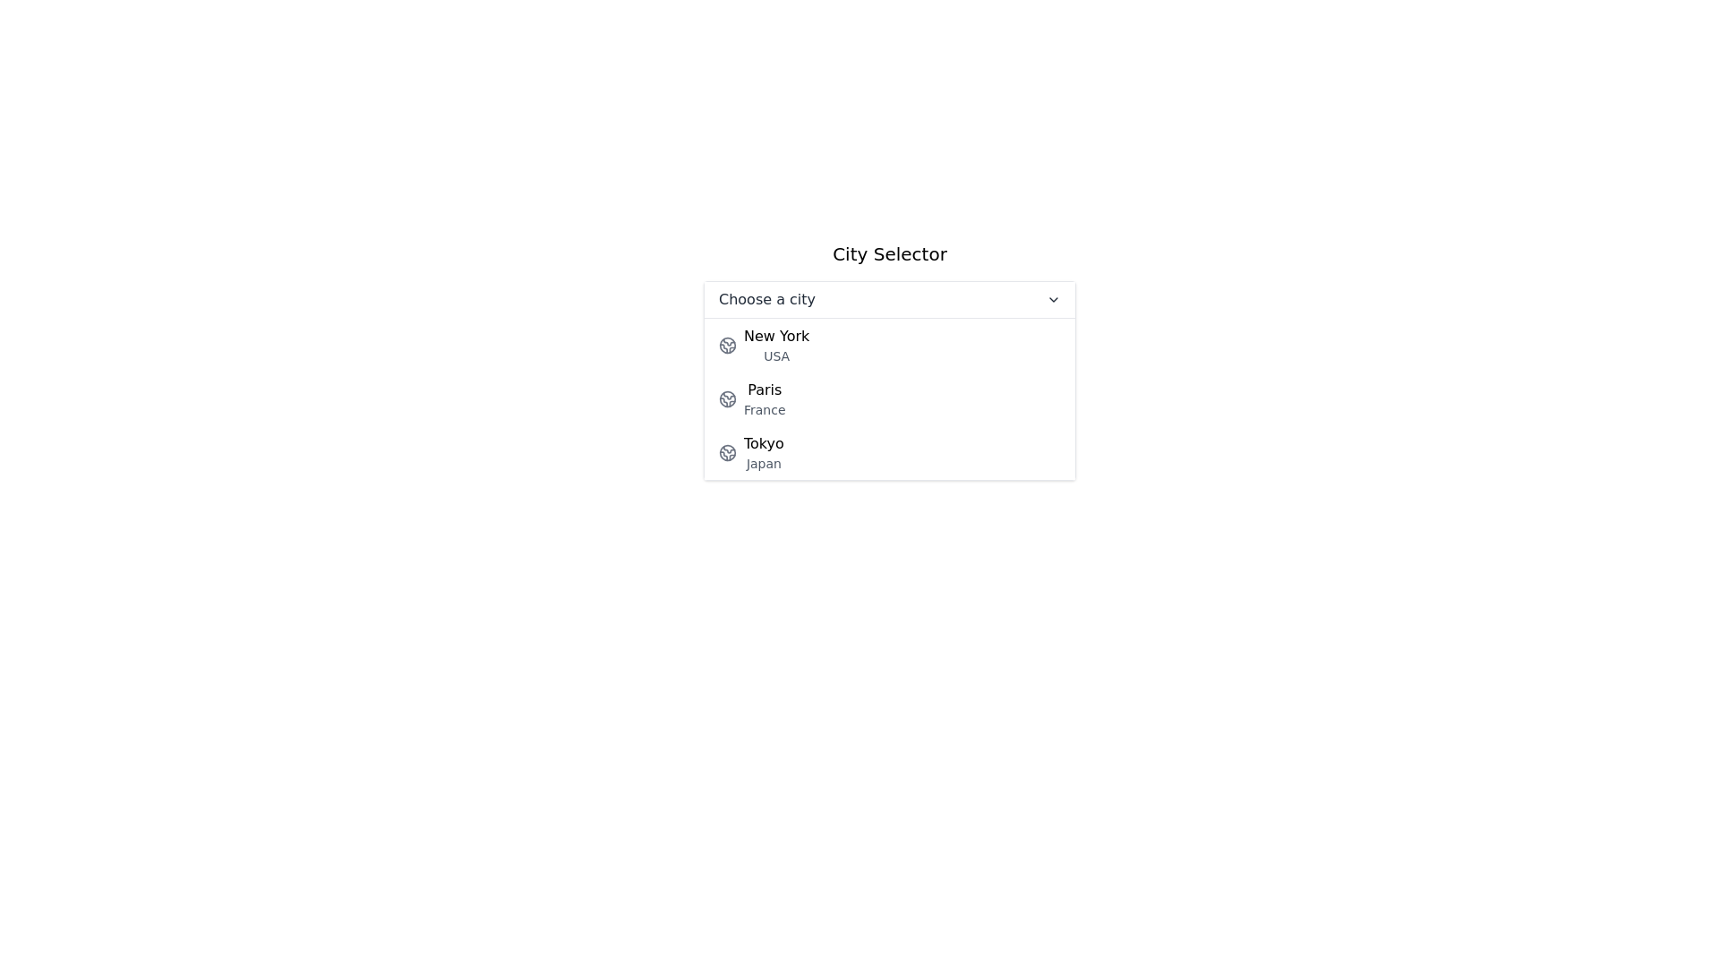  Describe the element at coordinates (727, 398) in the screenshot. I see `the SVG Circle decorative element next to the text 'Paris' in the dropdown list under 'Choose a city'` at that location.